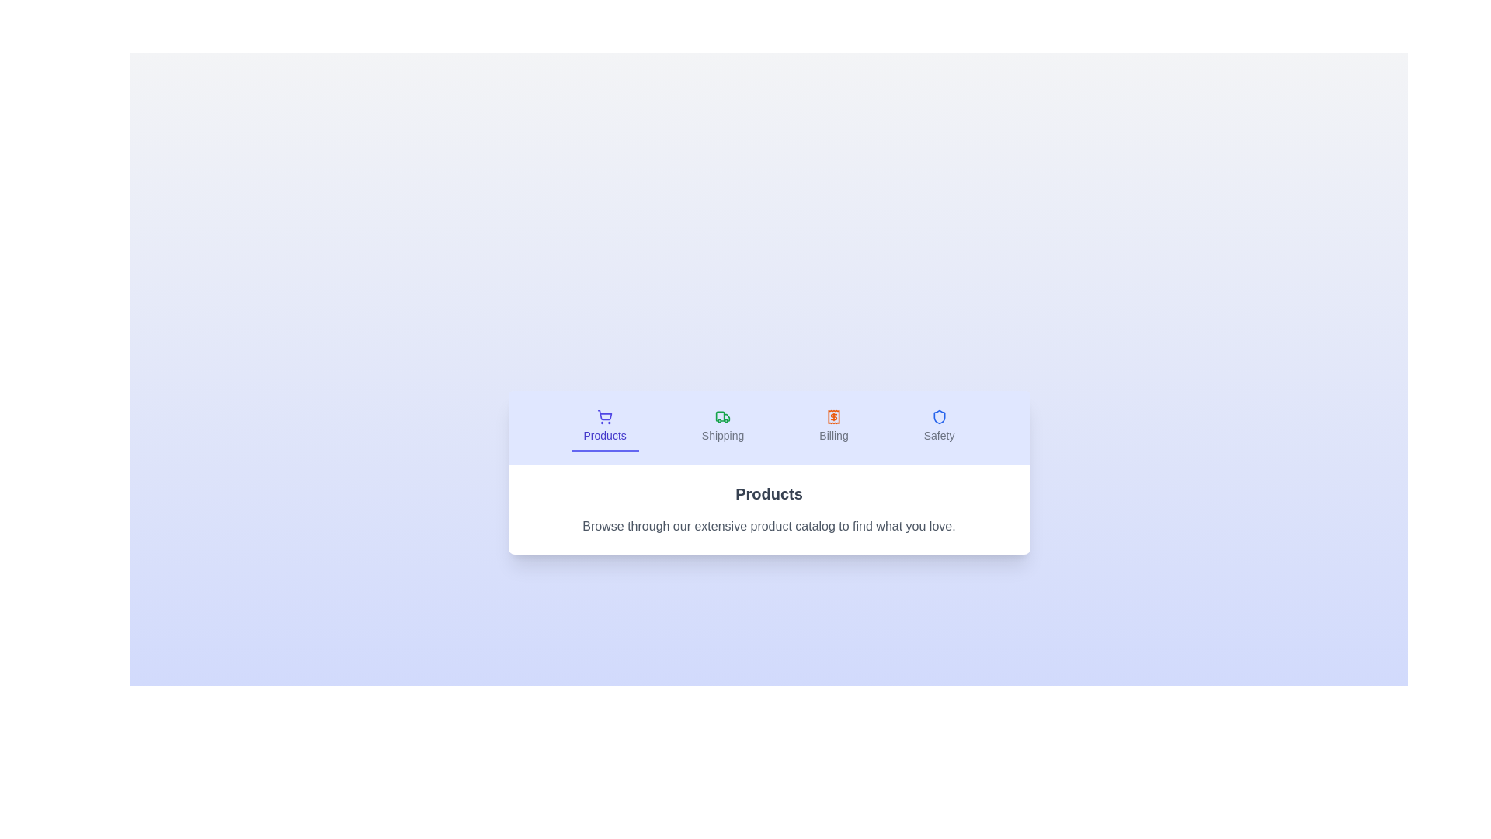  What do you see at coordinates (833, 427) in the screenshot?
I see `the Billing tab to switch to its content` at bounding box center [833, 427].